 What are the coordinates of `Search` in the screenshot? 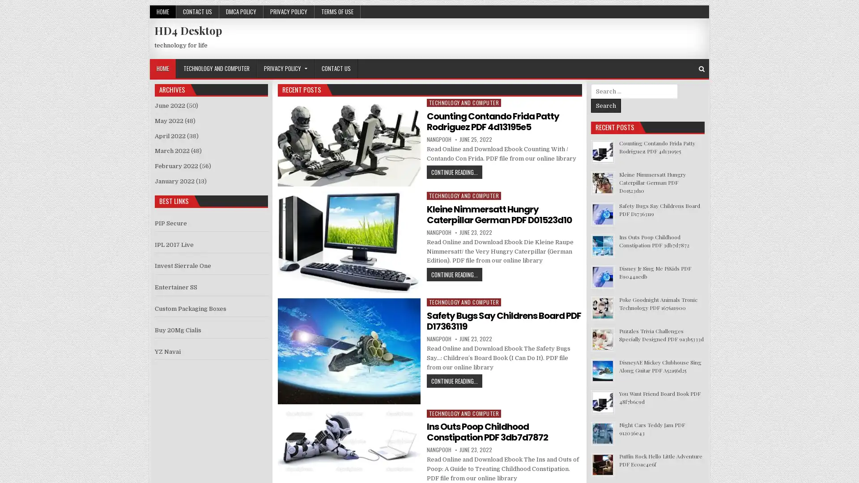 It's located at (606, 105).